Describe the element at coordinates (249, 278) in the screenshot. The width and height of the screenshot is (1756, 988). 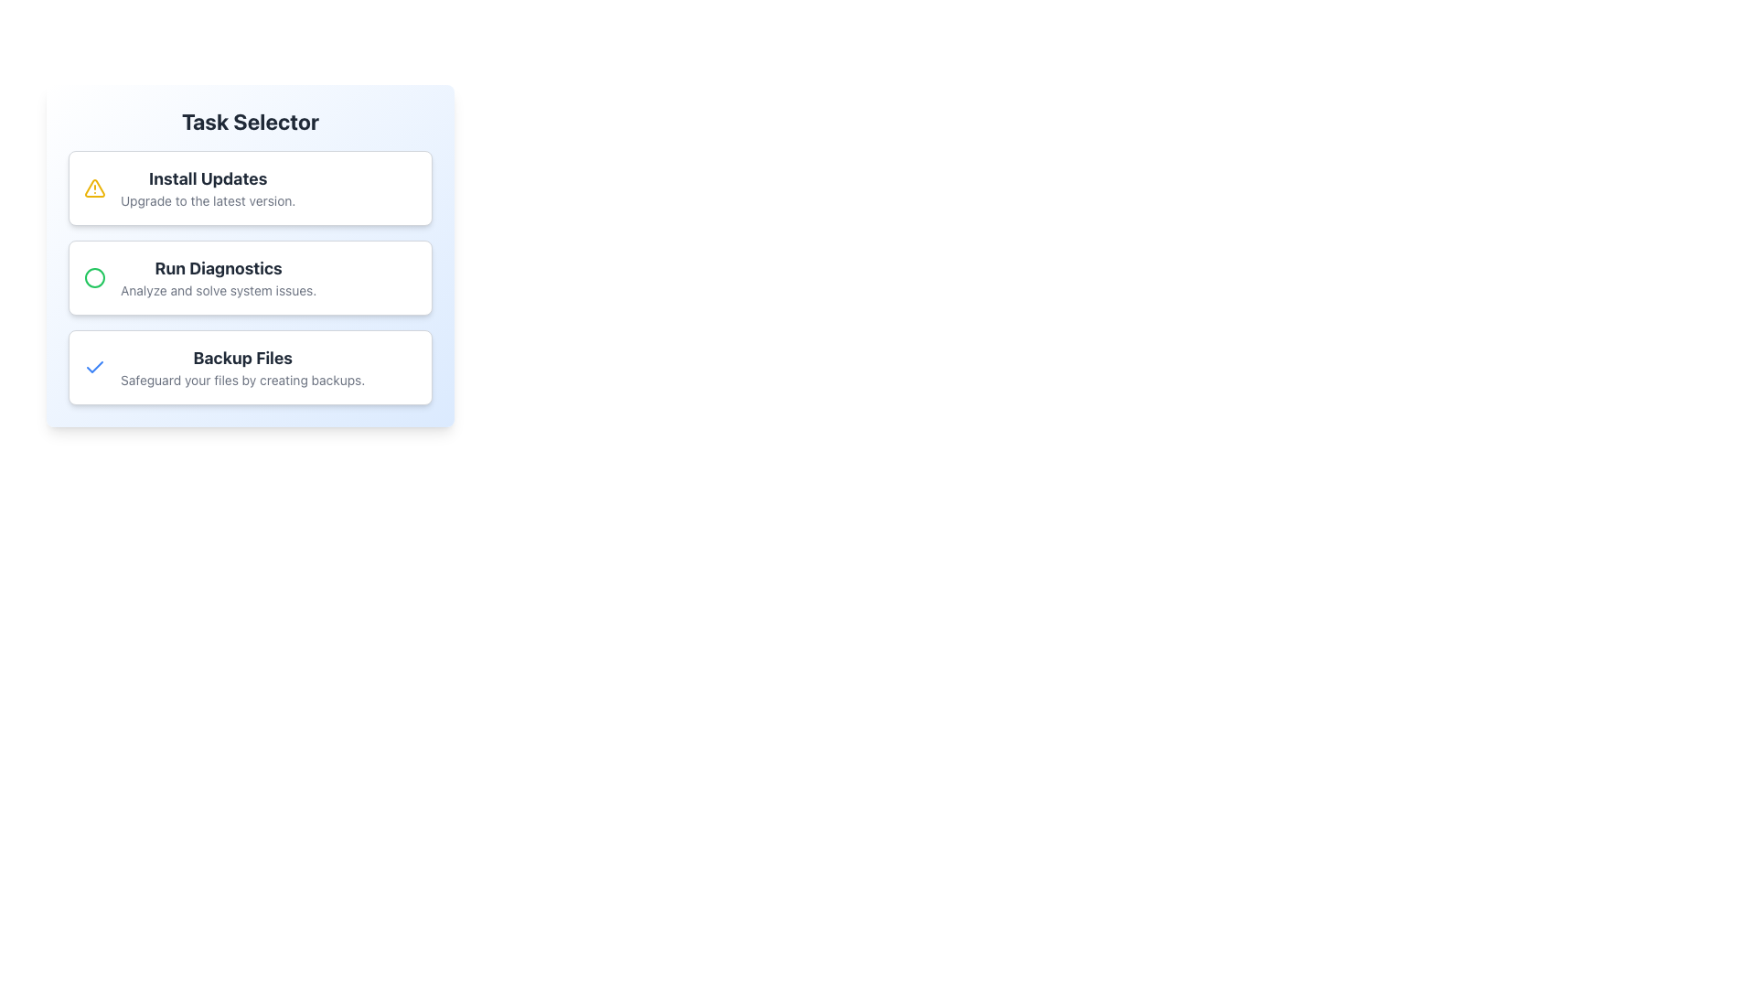
I see `the second interactive card labeled 'Run Diagnostics' in the 'Task Selector' section` at that location.